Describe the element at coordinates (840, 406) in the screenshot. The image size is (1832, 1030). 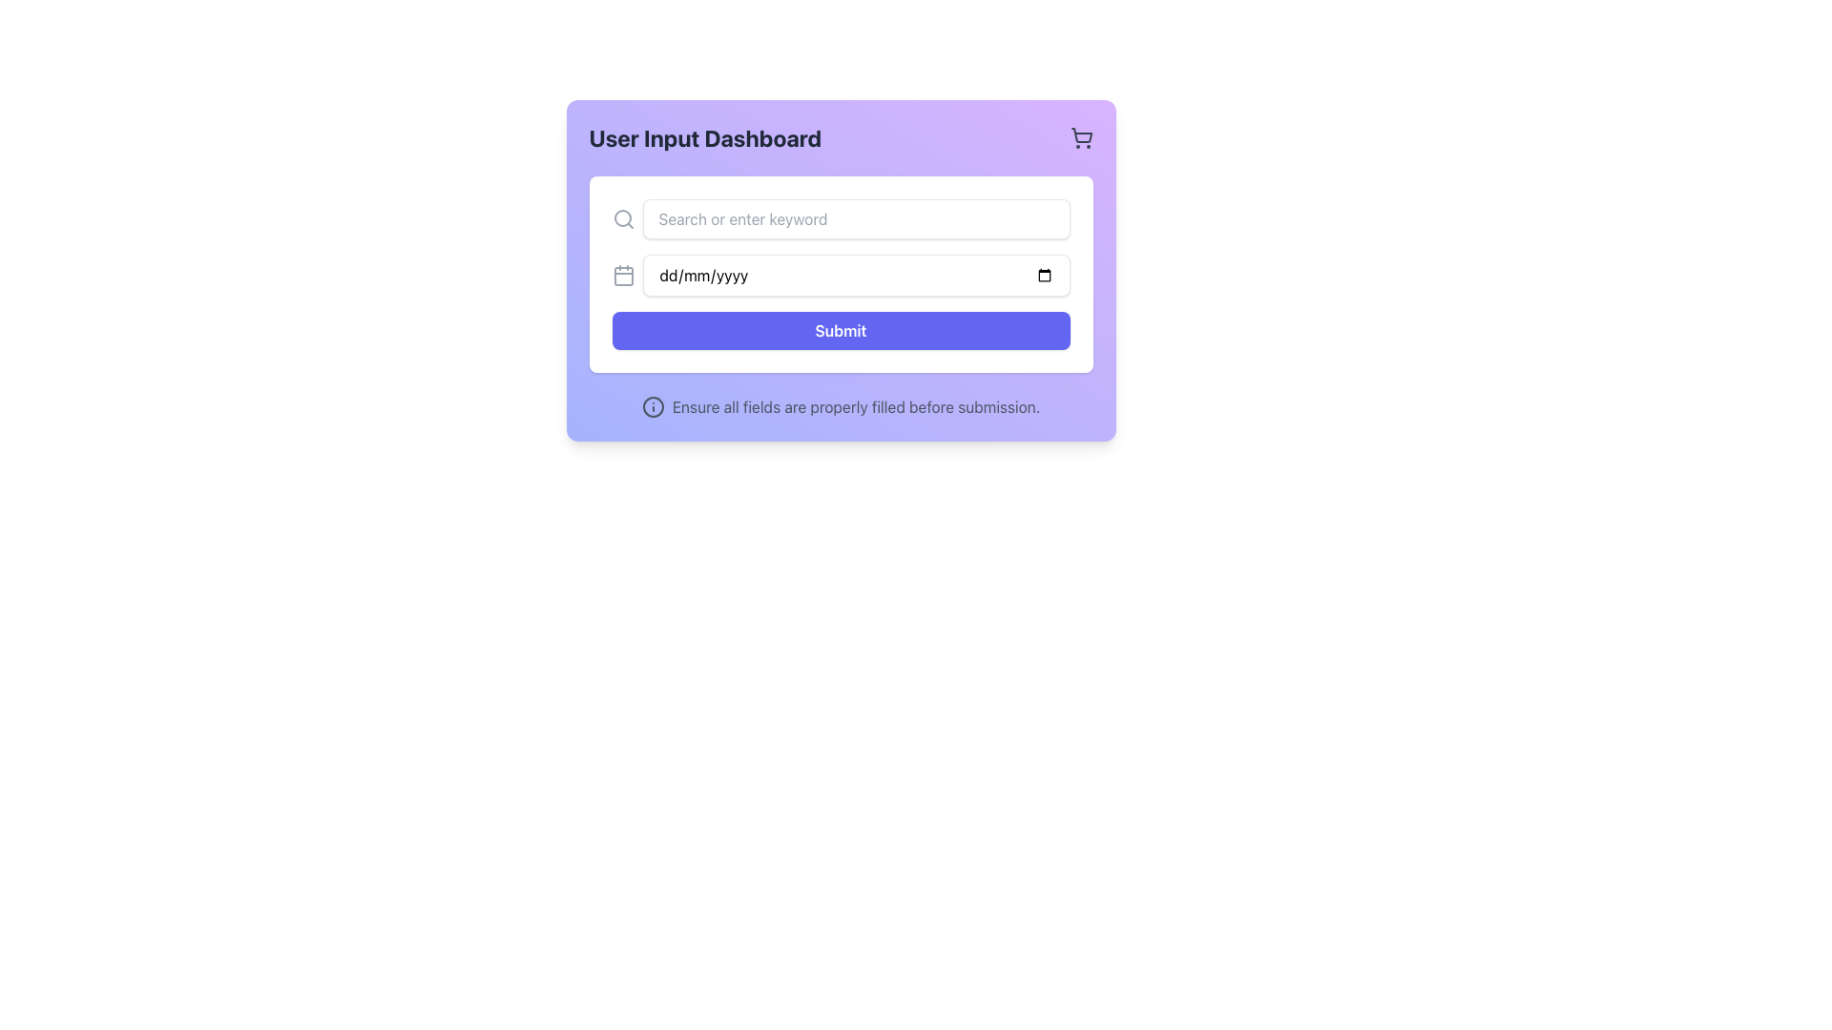
I see `the informational text with an icon at the bottom of the purple card, located directly below the 'Submit' button` at that location.